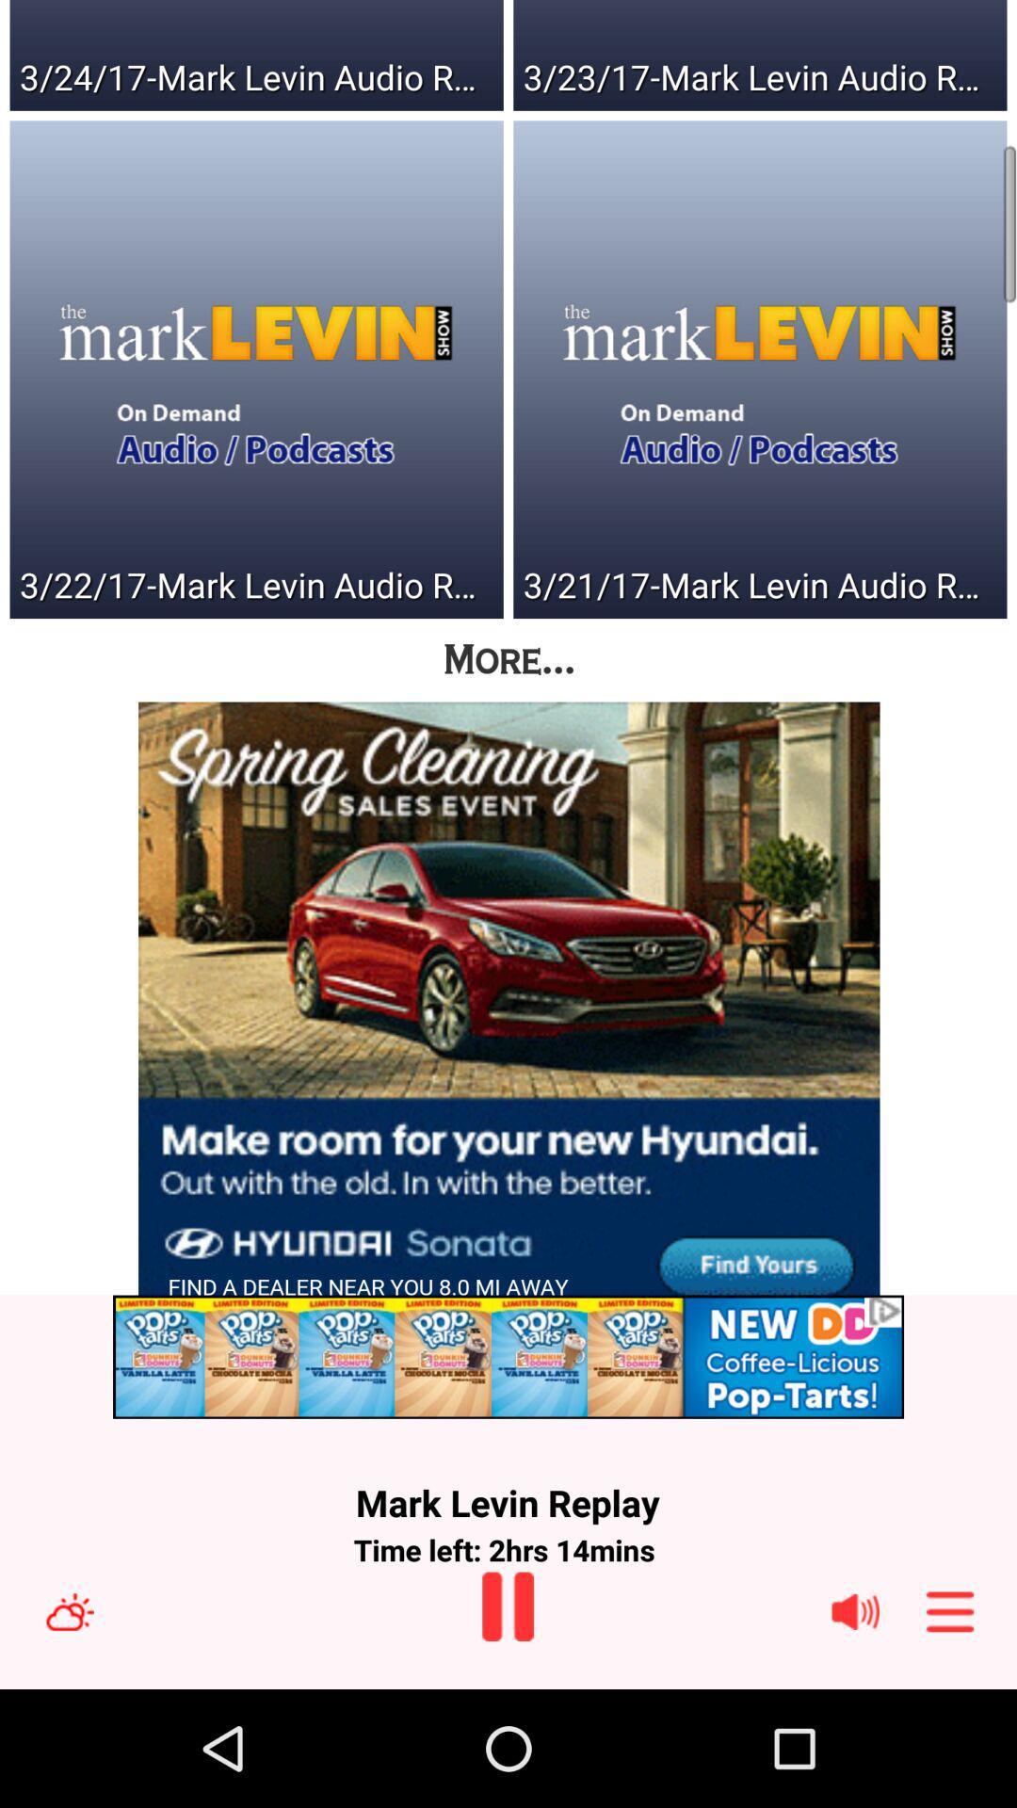  Describe the element at coordinates (507, 1606) in the screenshot. I see `go back` at that location.